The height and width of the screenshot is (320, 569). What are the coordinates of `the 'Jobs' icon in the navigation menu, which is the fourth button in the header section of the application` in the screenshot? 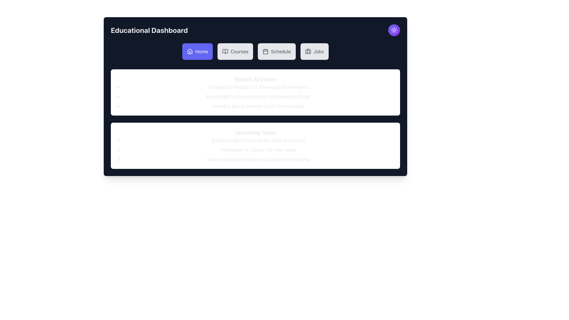 It's located at (308, 51).